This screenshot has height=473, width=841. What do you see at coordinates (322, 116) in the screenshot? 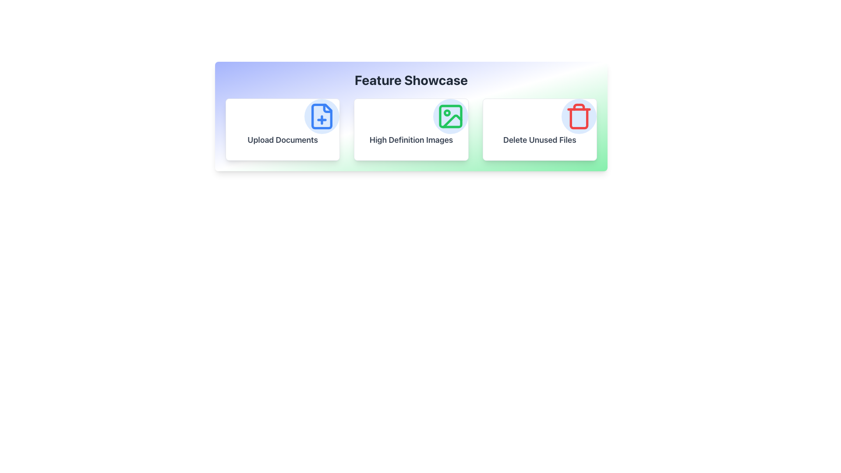
I see `the blue document icon with a plus sign located in the top-left segment of the 'Feature Showcase' section` at bounding box center [322, 116].